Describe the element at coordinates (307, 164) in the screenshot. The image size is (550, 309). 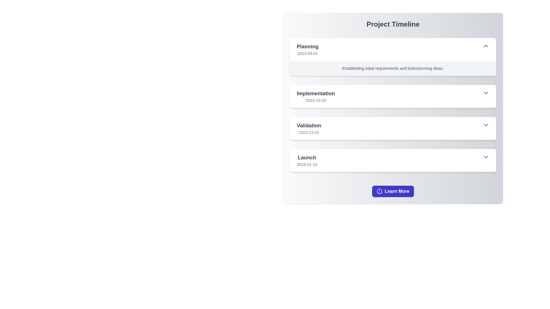
I see `text content of the Text Label displaying the date '2024-01-15' located under the heading 'Launch' in a card-style layout` at that location.